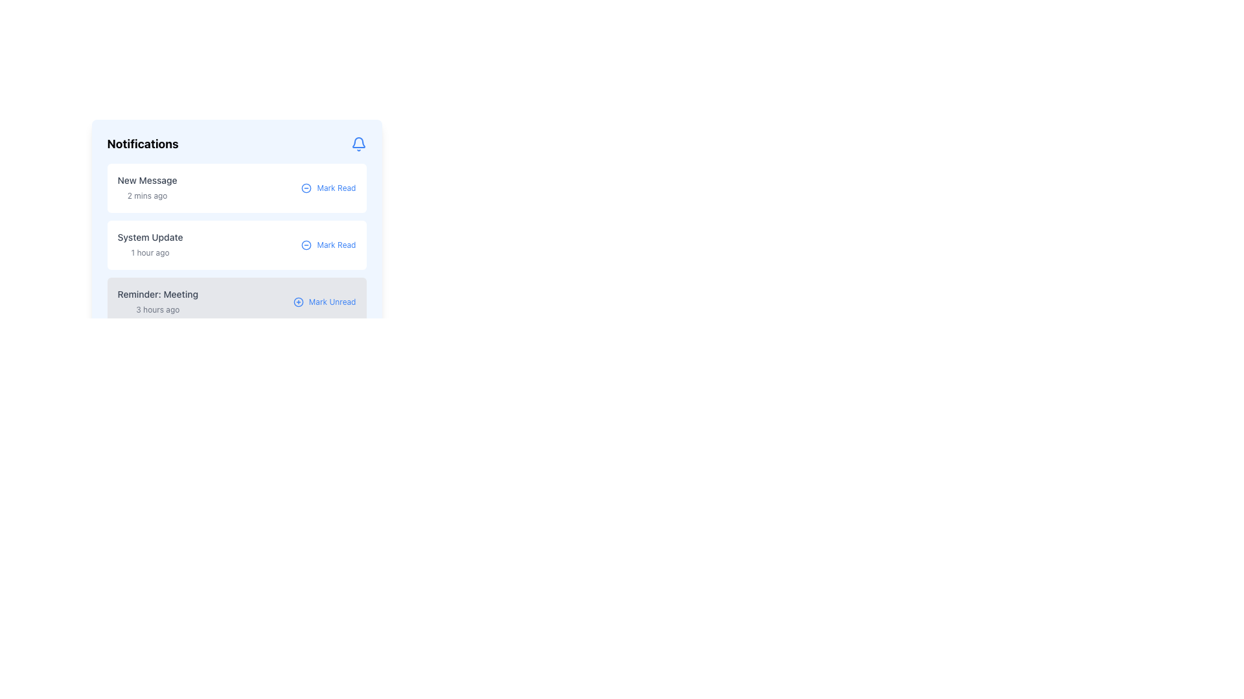  What do you see at coordinates (306, 245) in the screenshot?
I see `the visual representation of the Circular SVG element within the 'System Update' notification, which features a circle with a minus sign in the center` at bounding box center [306, 245].